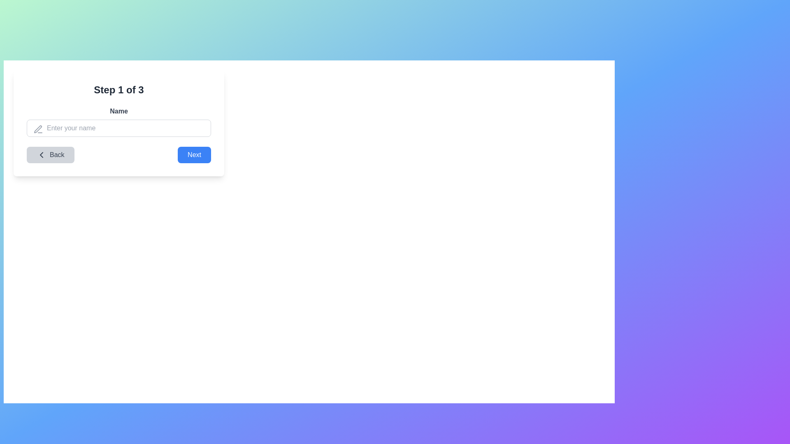 This screenshot has height=444, width=790. What do you see at coordinates (118, 122) in the screenshot?
I see `the labeled input field for entering the user's name, positioned below 'Step 1 of 3' and above the navigation buttons 'Back' and 'Next'` at bounding box center [118, 122].